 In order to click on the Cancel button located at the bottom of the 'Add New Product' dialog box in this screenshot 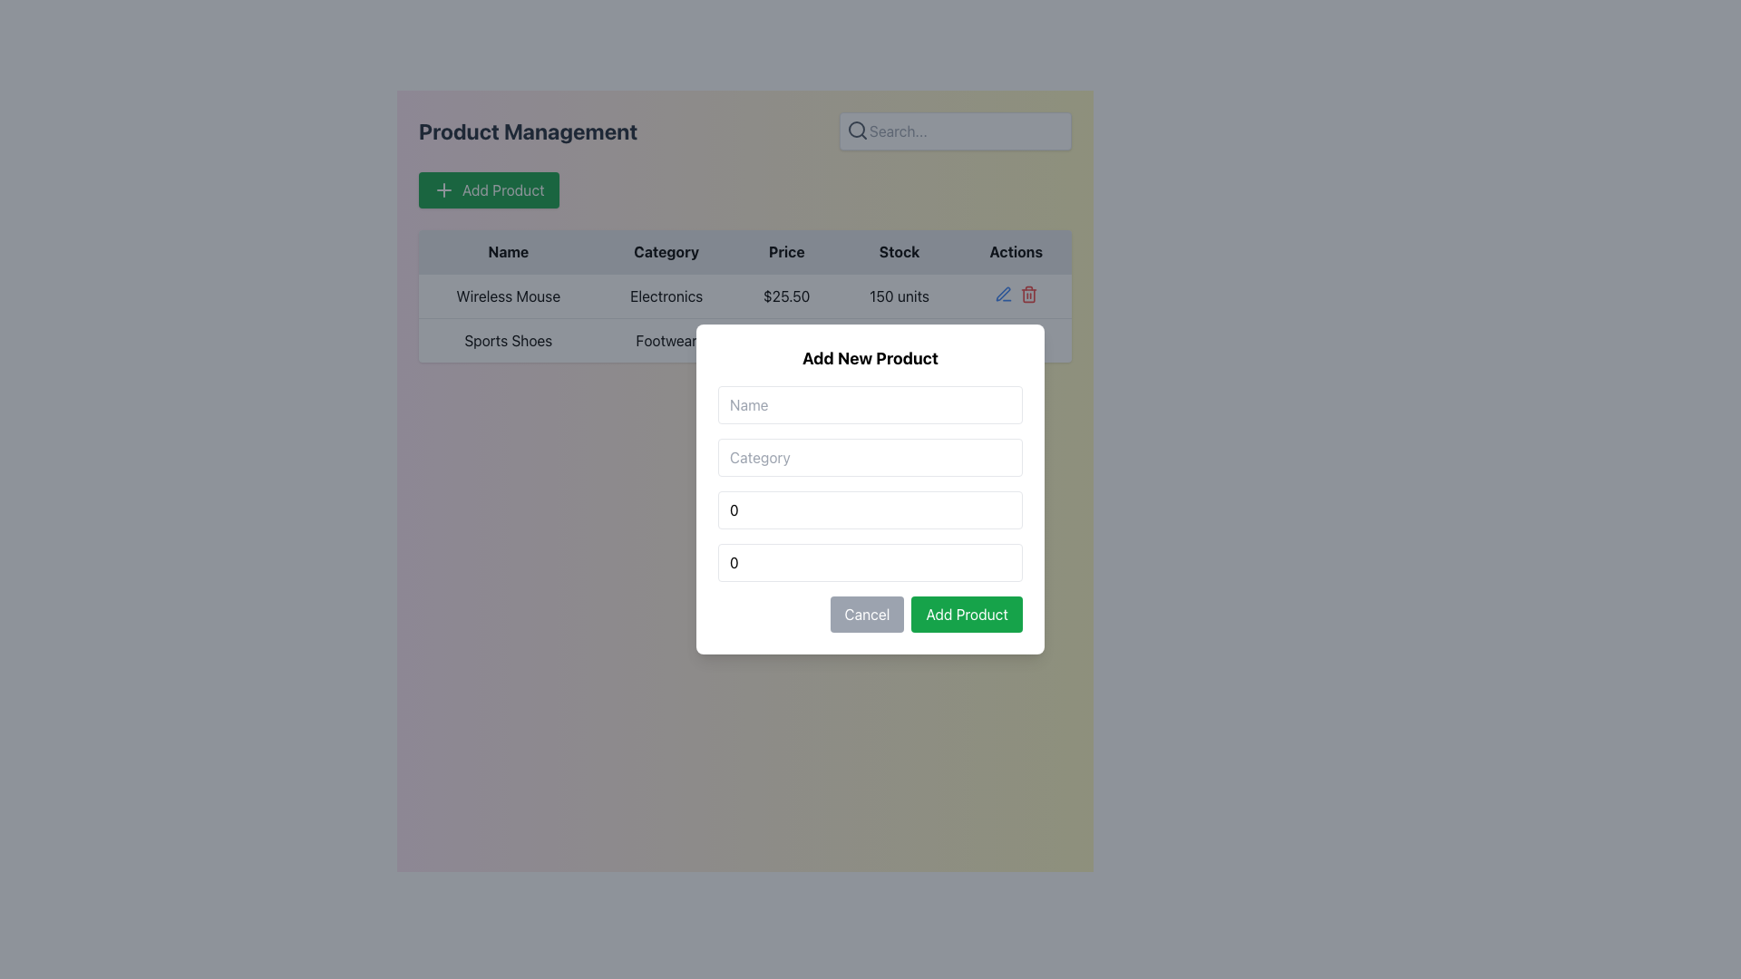, I will do `click(866, 614)`.